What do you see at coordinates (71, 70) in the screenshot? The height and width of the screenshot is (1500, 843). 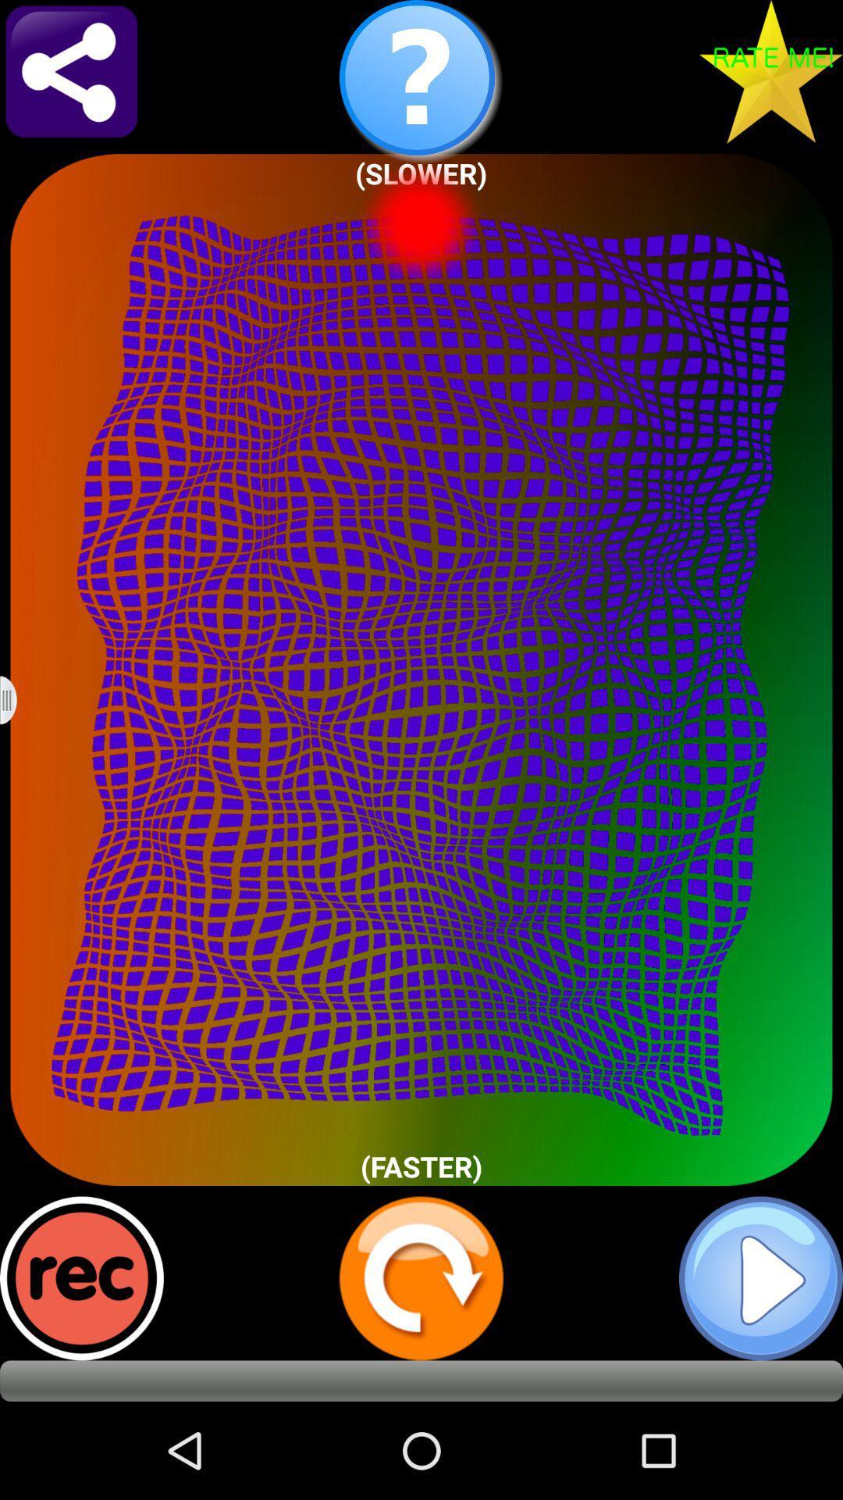 I see `share` at bounding box center [71, 70].